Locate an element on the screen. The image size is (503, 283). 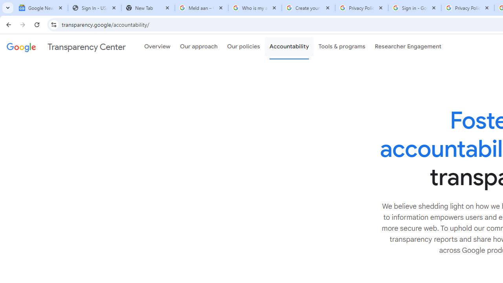
'Google News' is located at coordinates (40, 8).